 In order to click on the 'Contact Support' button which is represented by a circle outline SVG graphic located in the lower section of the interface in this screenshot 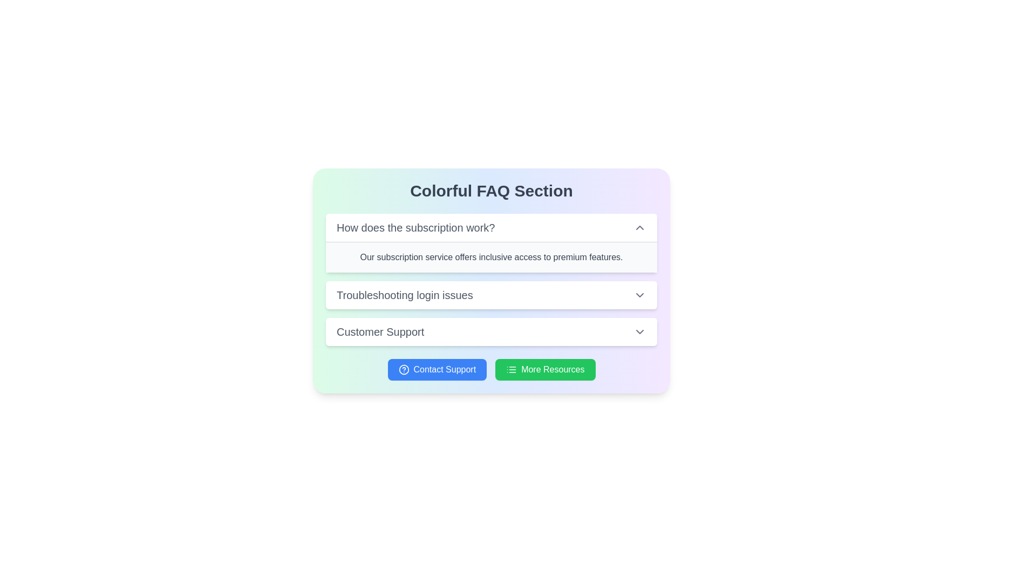, I will do `click(403, 369)`.